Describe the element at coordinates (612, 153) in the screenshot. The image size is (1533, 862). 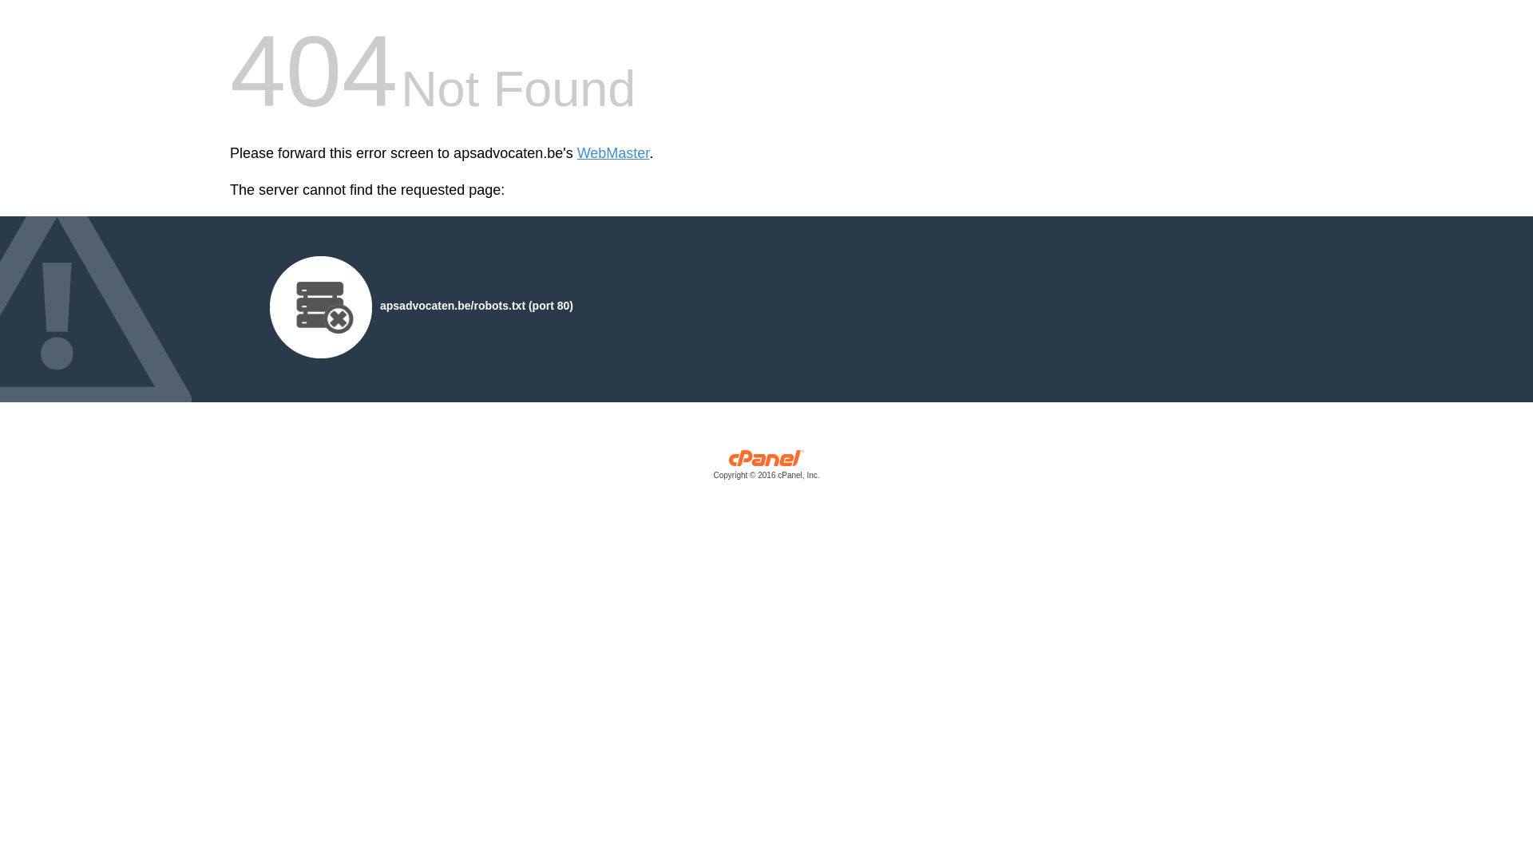
I see `'WebMaster'` at that location.